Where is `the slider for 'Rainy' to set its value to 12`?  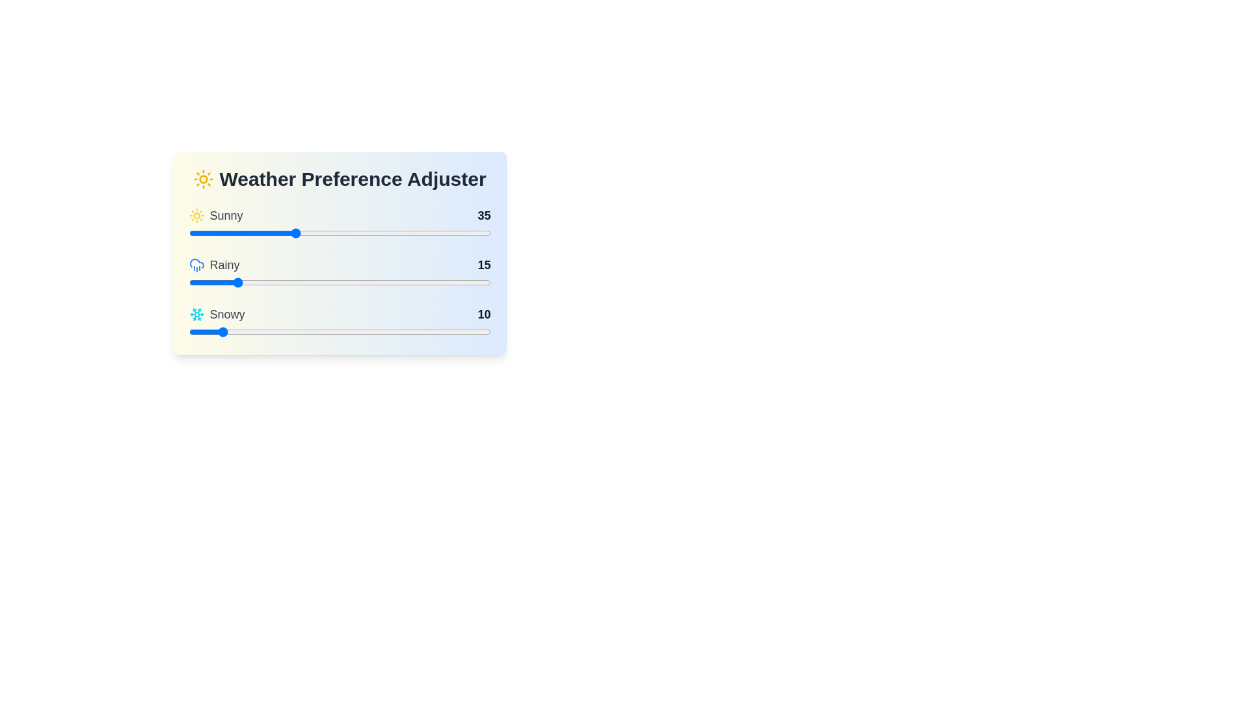
the slider for 'Rainy' to set its value to 12 is located at coordinates (225, 282).